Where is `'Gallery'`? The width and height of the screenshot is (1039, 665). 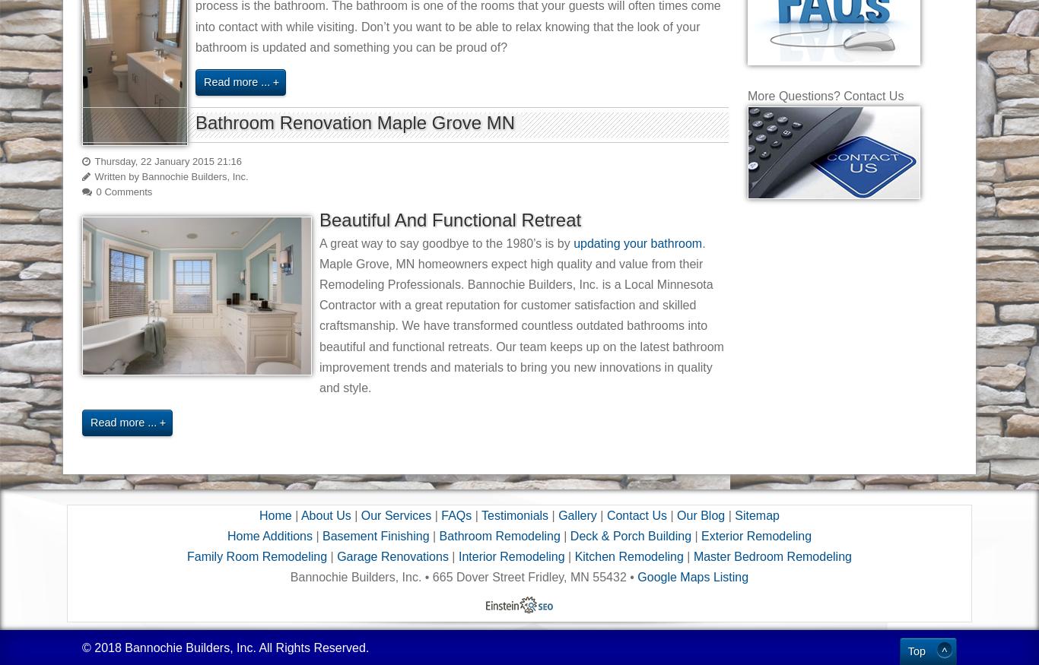
'Gallery' is located at coordinates (577, 514).